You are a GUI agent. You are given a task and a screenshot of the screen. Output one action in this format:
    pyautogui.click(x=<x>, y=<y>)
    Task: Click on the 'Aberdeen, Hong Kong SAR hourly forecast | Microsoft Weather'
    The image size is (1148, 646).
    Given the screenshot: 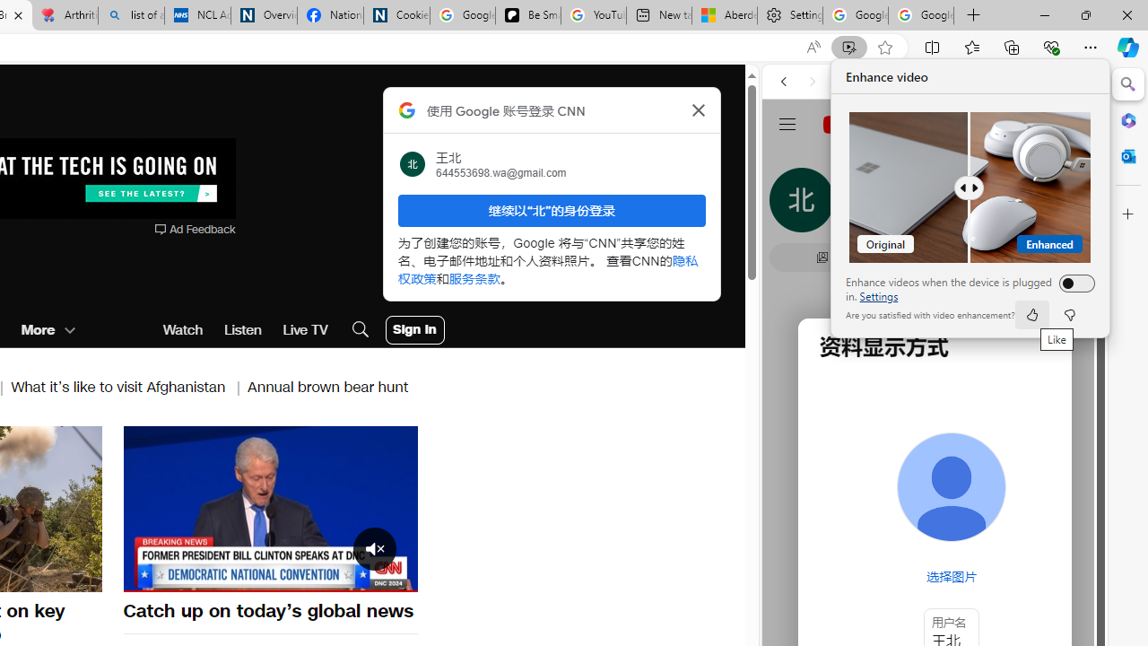 What is the action you would take?
    pyautogui.click(x=724, y=15)
    